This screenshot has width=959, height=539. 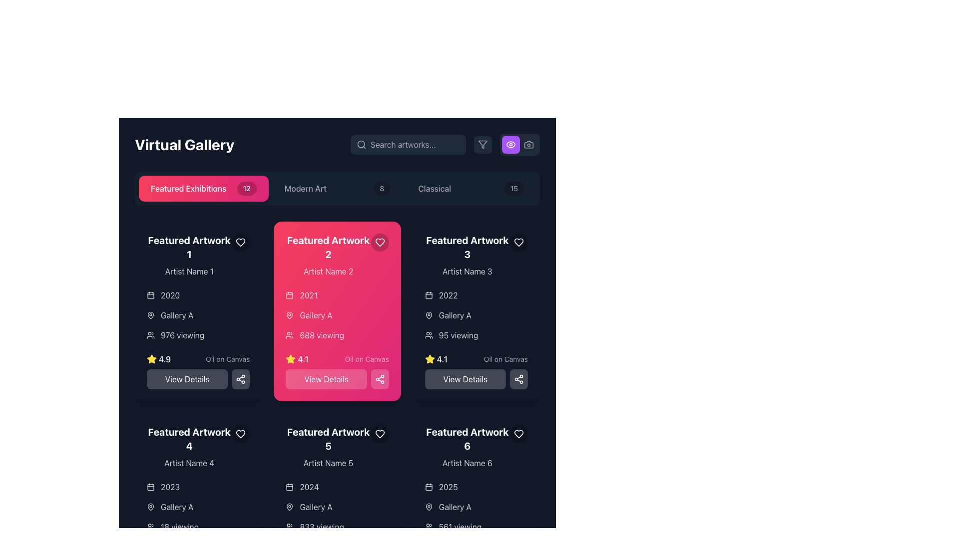 What do you see at coordinates (476, 371) in the screenshot?
I see `the 'View Details' button located at the bottom section of the 'Featured Artwork 3' card, which has a semi-transparent dark background and white text` at bounding box center [476, 371].